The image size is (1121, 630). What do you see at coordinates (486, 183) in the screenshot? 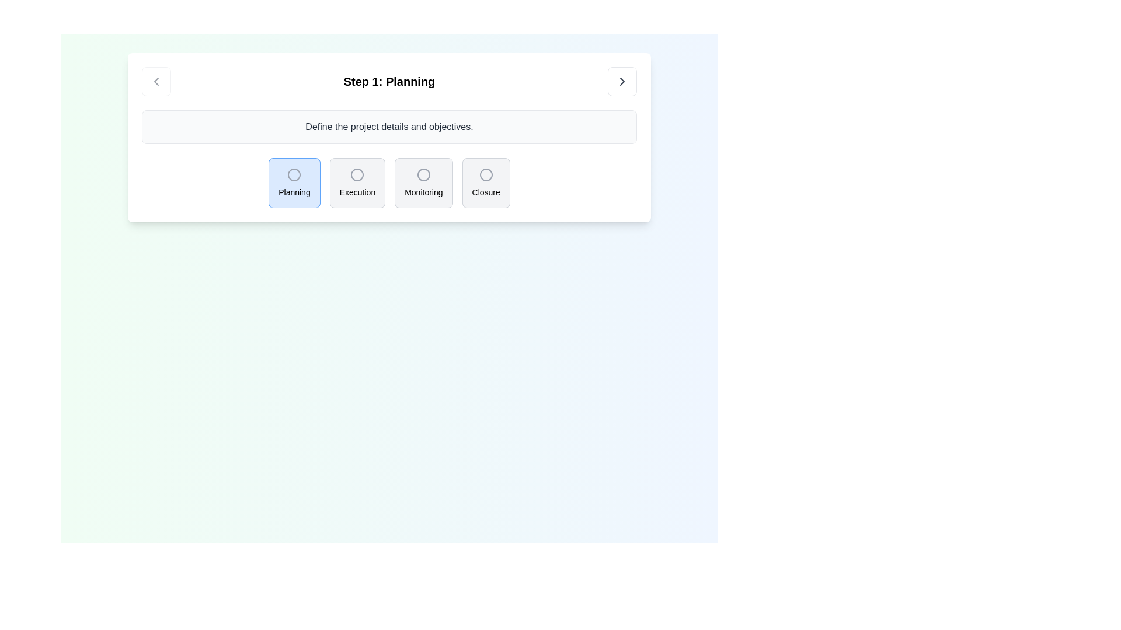
I see `the 'Closure' button, which is a circular icon with a text label below it, located on the far right of the group of similar components` at bounding box center [486, 183].